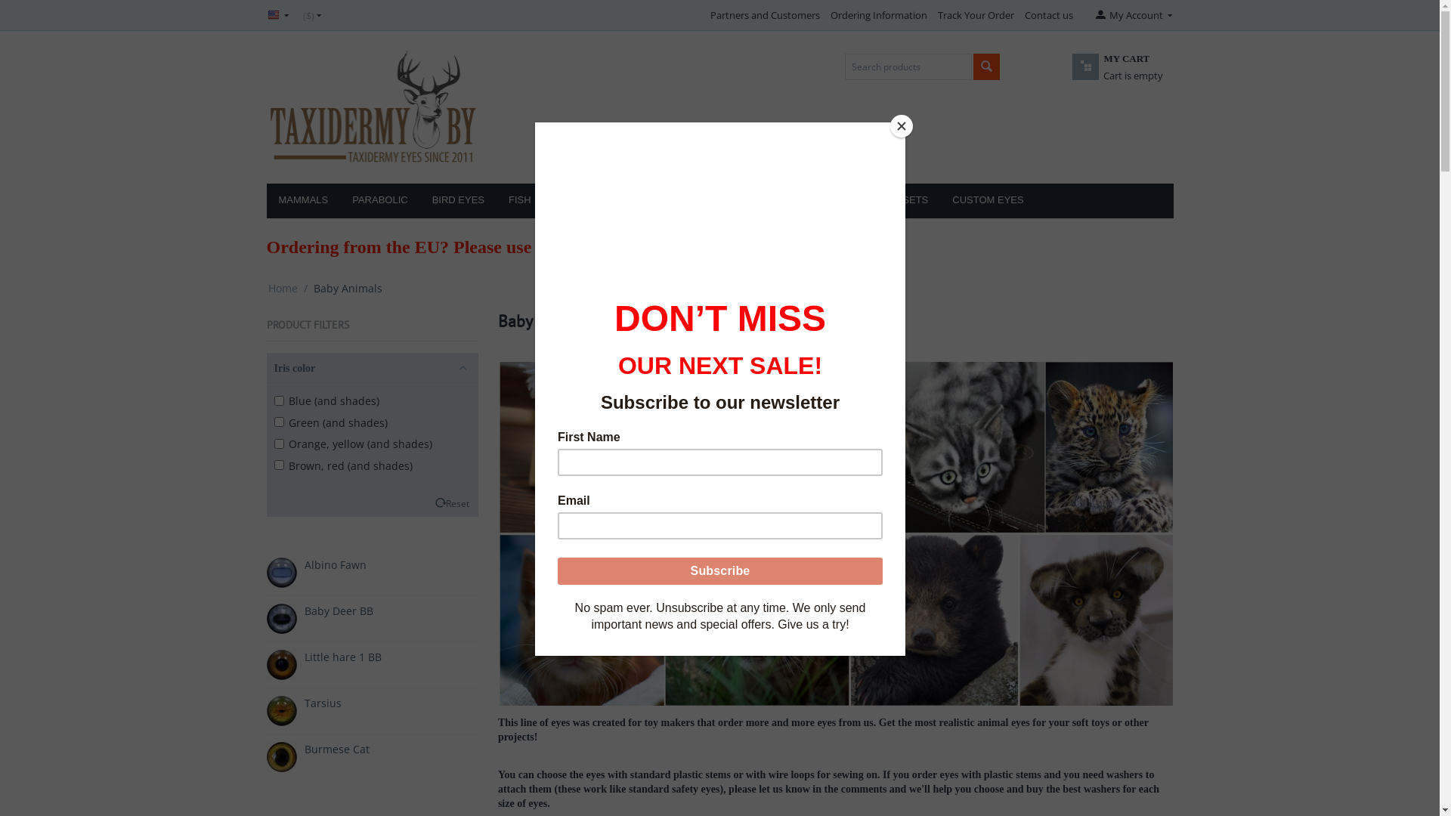  I want to click on 'Search', so click(986, 66).